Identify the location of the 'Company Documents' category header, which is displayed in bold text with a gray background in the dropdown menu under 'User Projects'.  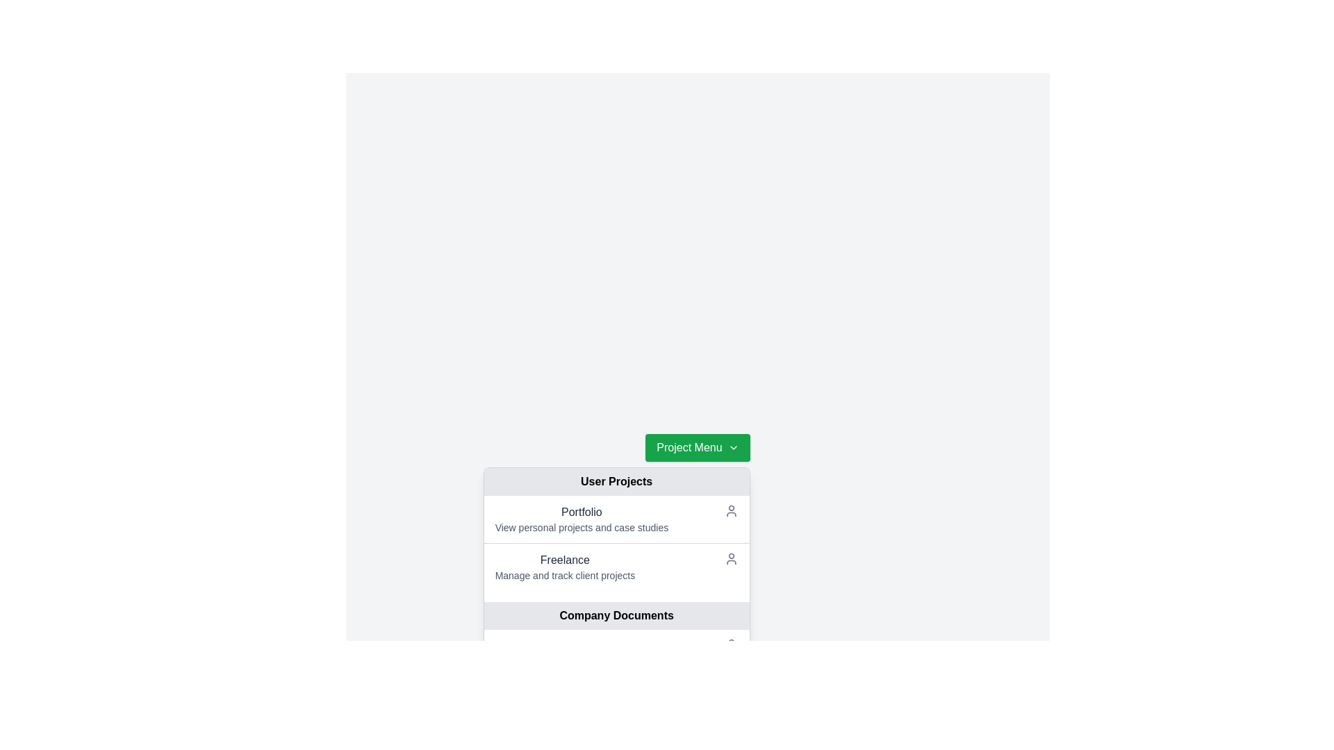
(616, 601).